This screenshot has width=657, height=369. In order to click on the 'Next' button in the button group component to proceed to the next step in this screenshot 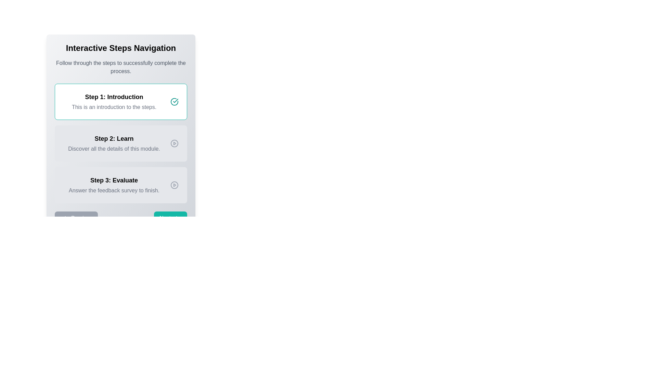, I will do `click(121, 218)`.